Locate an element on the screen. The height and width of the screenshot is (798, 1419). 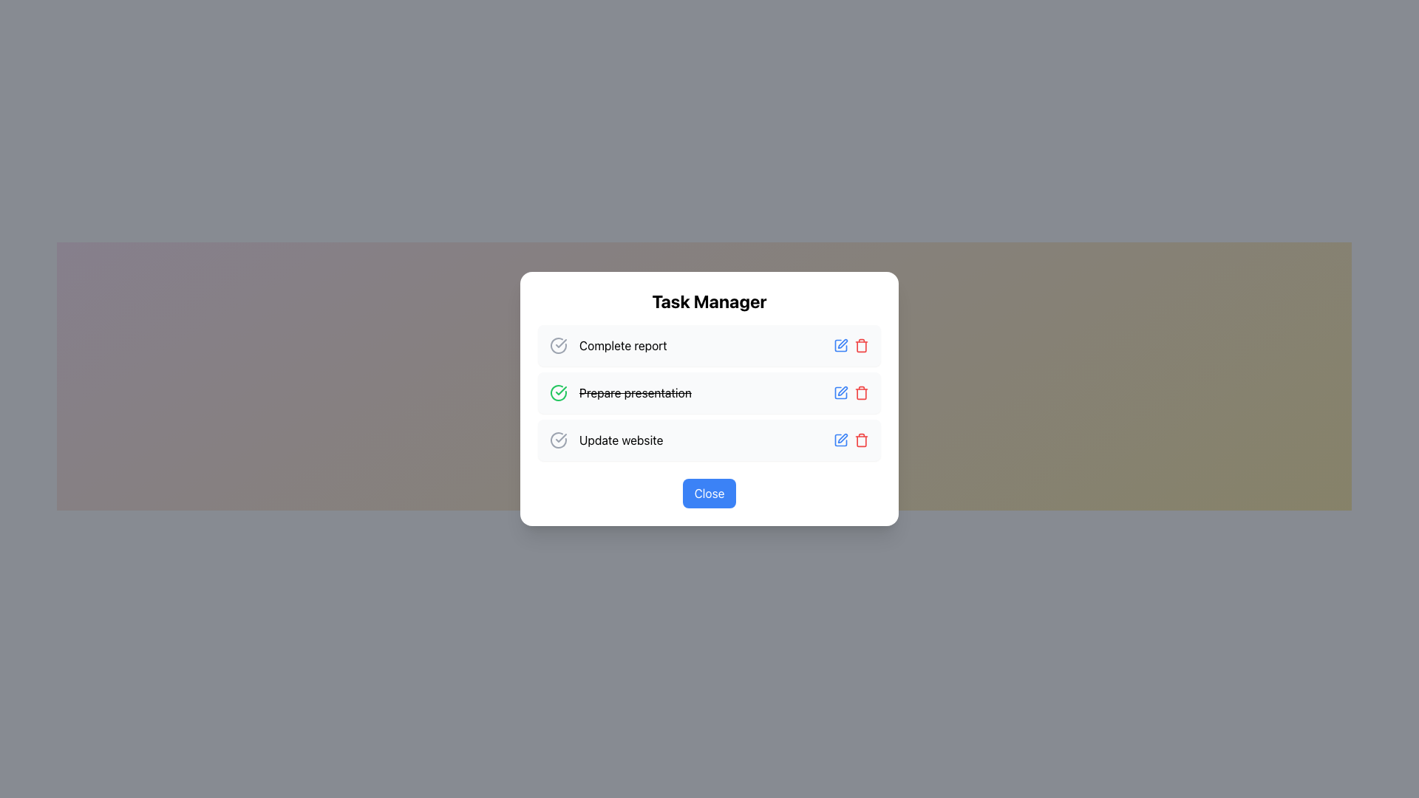
the close button located at the bottom center of the dialog box is located at coordinates (709, 493).